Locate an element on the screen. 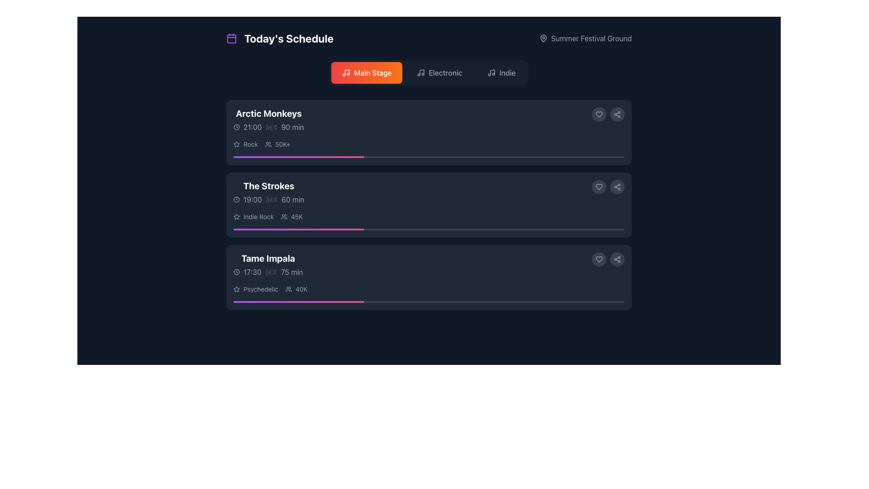  the text displaying the word 'Psychedelic' which is part of the metadata for the band 'Tame Impala' is located at coordinates (260, 289).